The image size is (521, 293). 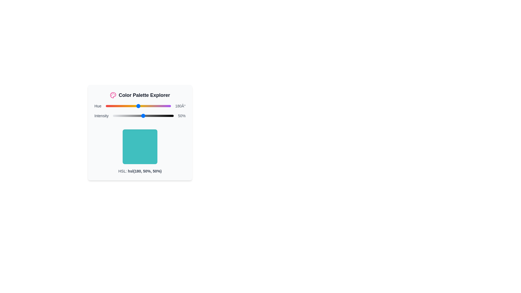 What do you see at coordinates (165, 106) in the screenshot?
I see `the hue slider to set its value to 328` at bounding box center [165, 106].